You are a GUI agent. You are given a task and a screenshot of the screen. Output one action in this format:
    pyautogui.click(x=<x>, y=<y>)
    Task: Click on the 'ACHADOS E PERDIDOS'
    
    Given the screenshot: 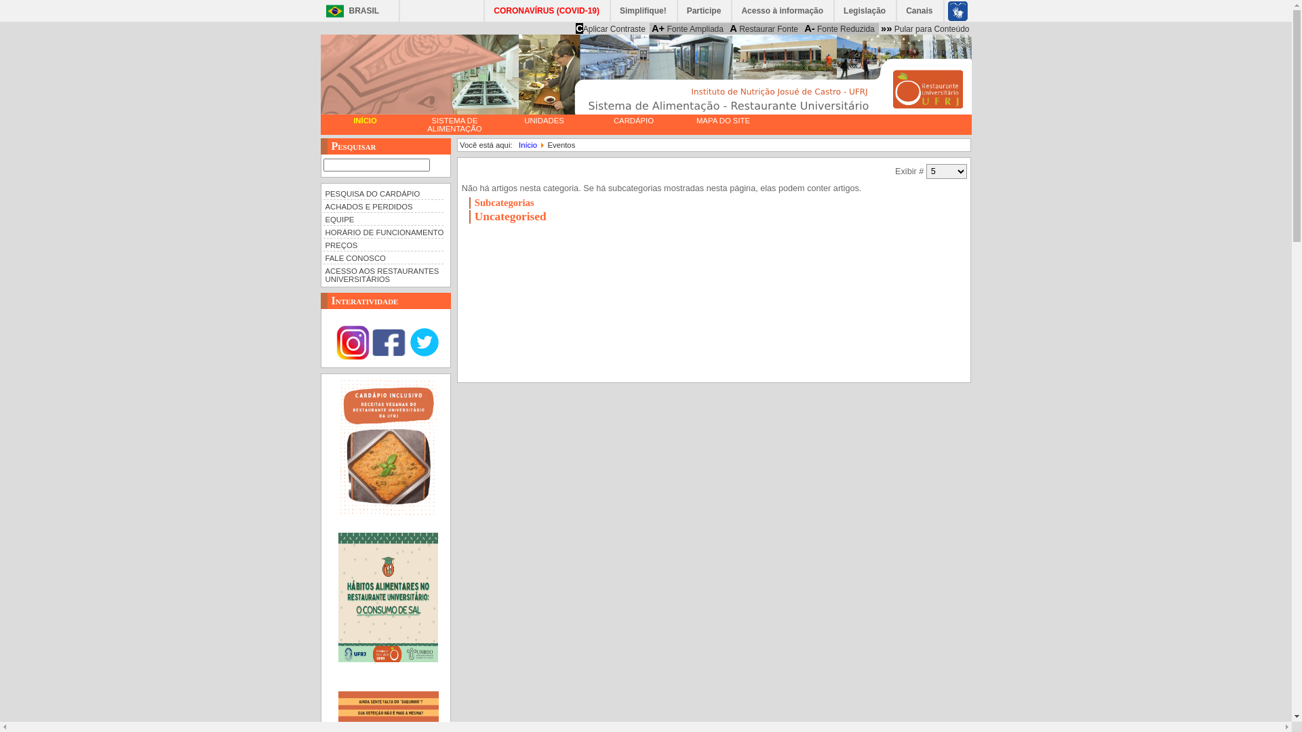 What is the action you would take?
    pyautogui.click(x=321, y=205)
    